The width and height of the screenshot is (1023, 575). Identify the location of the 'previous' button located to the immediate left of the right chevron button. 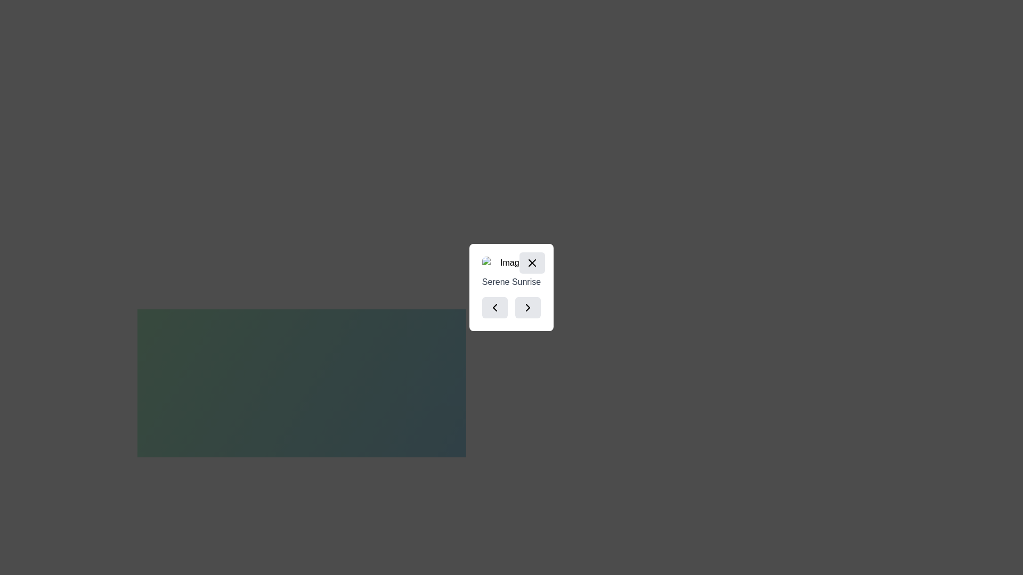
(494, 308).